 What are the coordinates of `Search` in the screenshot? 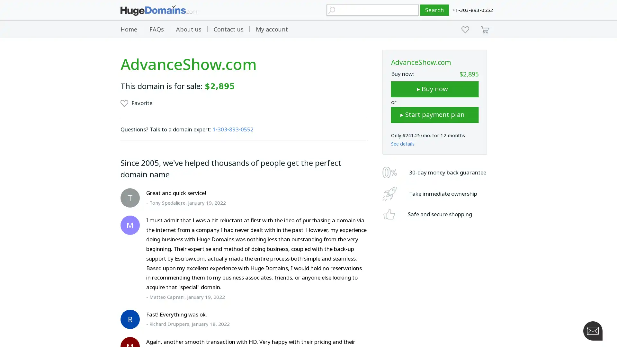 It's located at (434, 10).